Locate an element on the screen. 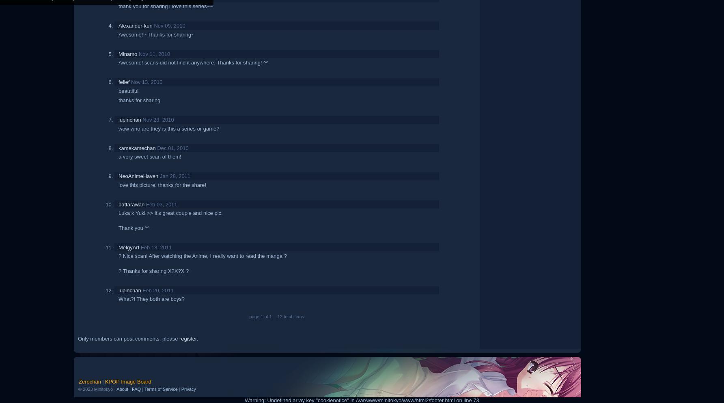 The width and height of the screenshot is (724, 403). 'Zerochan' is located at coordinates (78, 382).